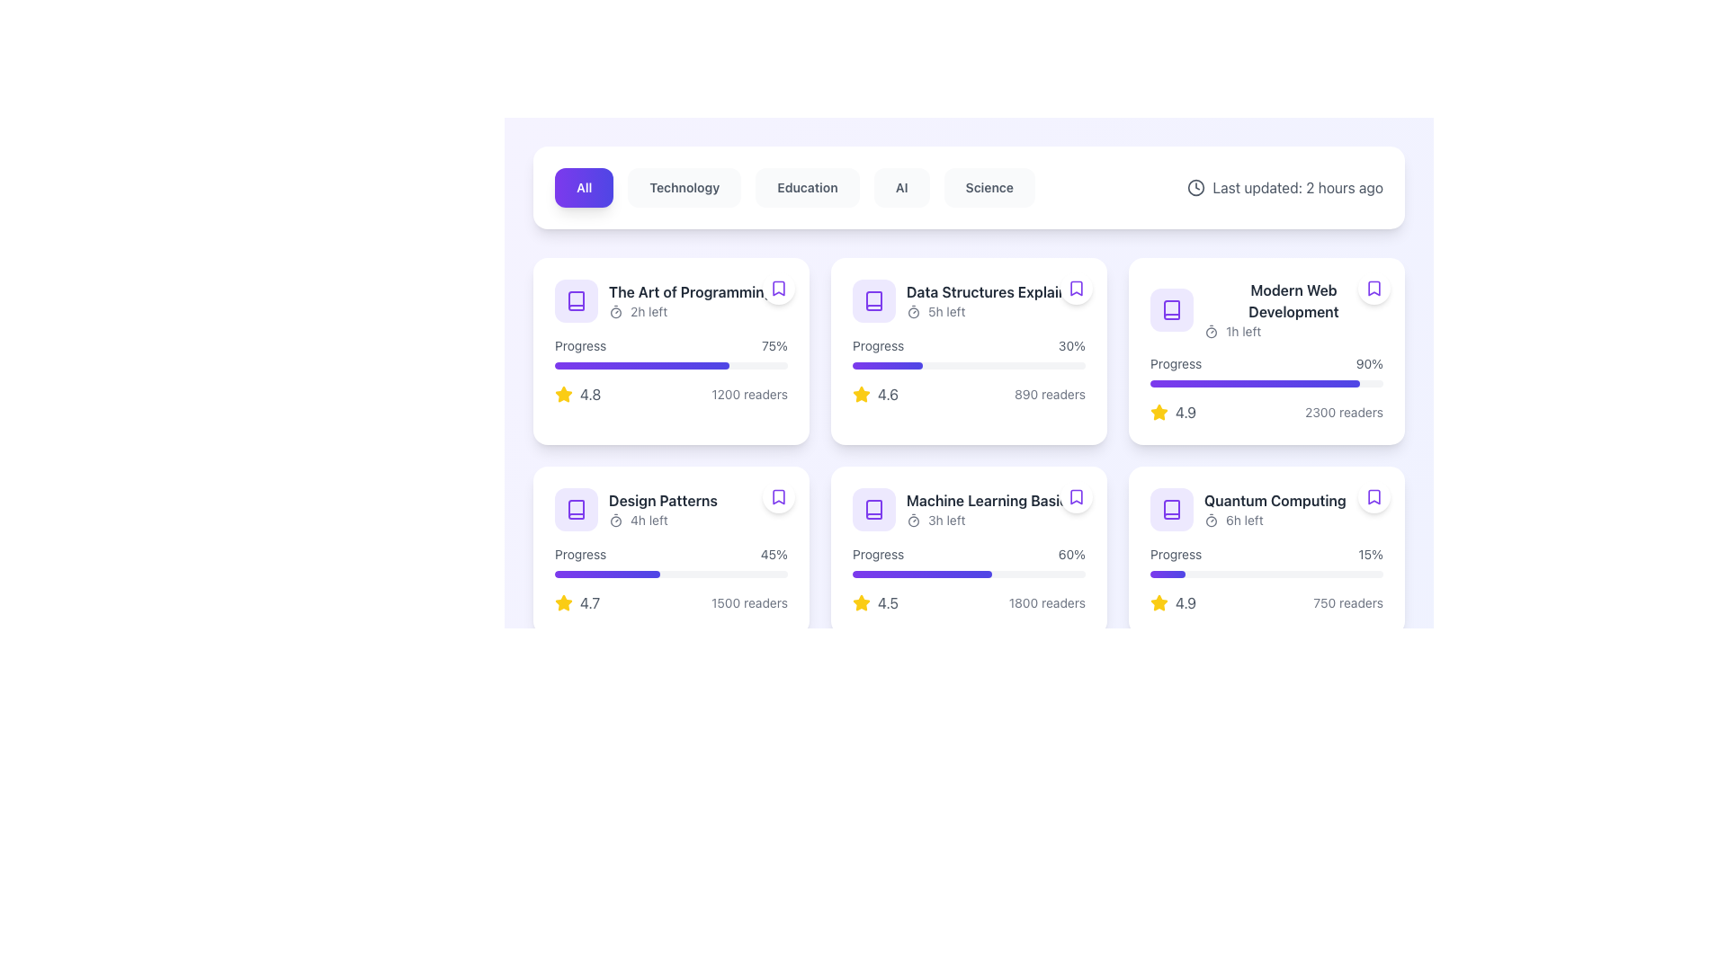 This screenshot has width=1727, height=971. Describe the element at coordinates (1173, 413) in the screenshot. I see `the rating display component located in the first row, third column of the grid of cards for the 'Modern Web Development' item, positioned below the progress bar and above the '2300 readers' text` at that location.